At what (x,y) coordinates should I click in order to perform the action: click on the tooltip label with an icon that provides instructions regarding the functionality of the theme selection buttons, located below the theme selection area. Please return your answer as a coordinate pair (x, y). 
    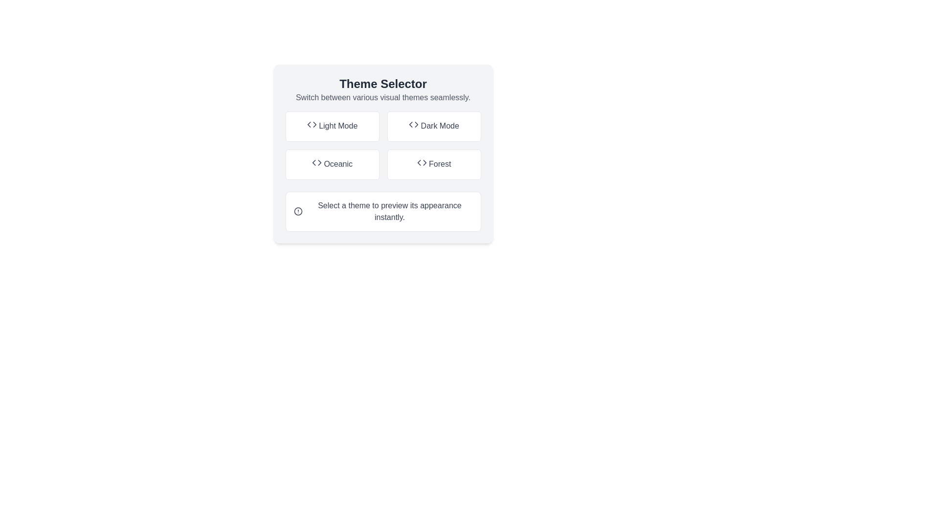
    Looking at the image, I should click on (382, 211).